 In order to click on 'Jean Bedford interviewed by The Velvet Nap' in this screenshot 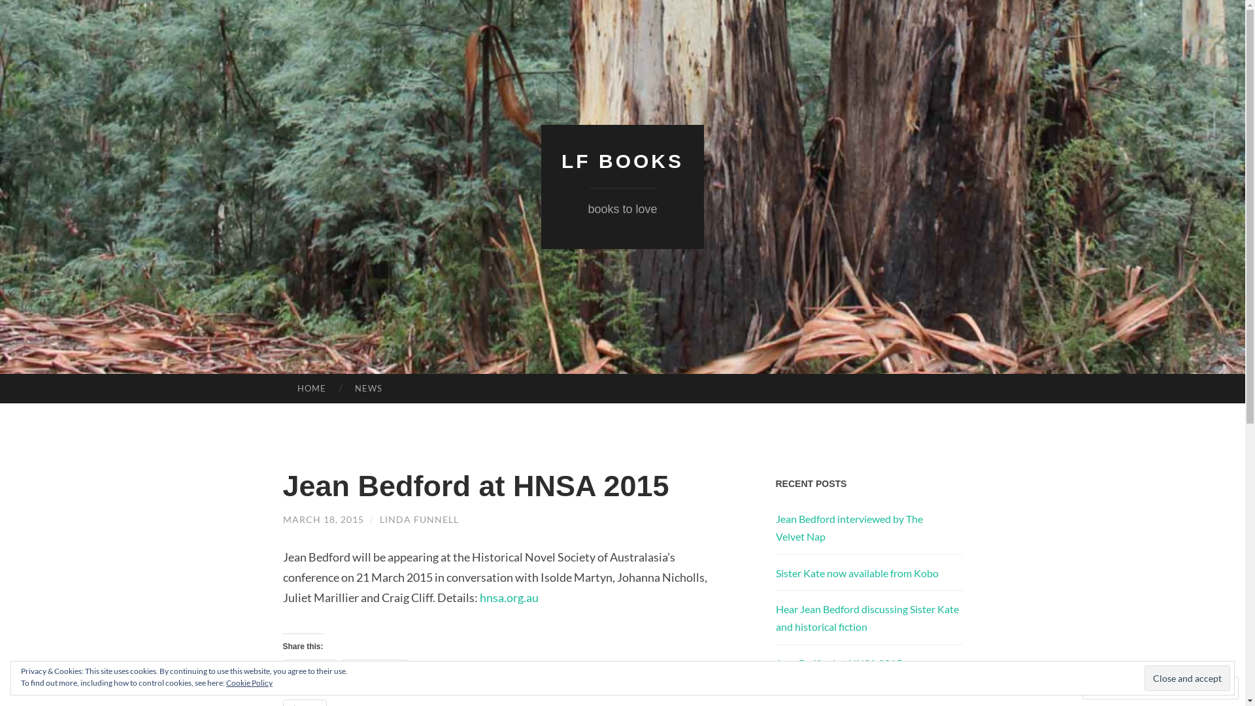, I will do `click(775, 526)`.